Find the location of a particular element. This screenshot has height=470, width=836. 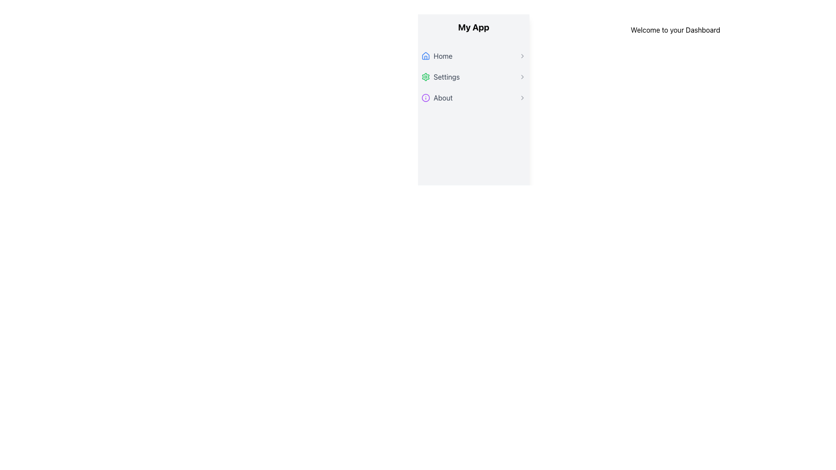

the 'Home' icon located to the left of the 'Home' menu item label in the main sidebar of the application interface is located at coordinates (426, 56).